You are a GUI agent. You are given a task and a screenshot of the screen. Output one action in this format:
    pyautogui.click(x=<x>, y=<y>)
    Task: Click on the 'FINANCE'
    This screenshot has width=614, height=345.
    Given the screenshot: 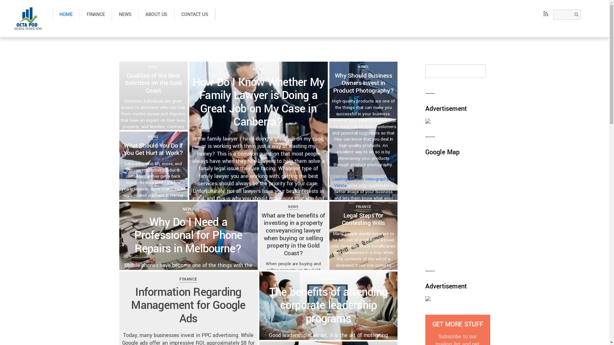 What is the action you would take?
    pyautogui.click(x=95, y=13)
    